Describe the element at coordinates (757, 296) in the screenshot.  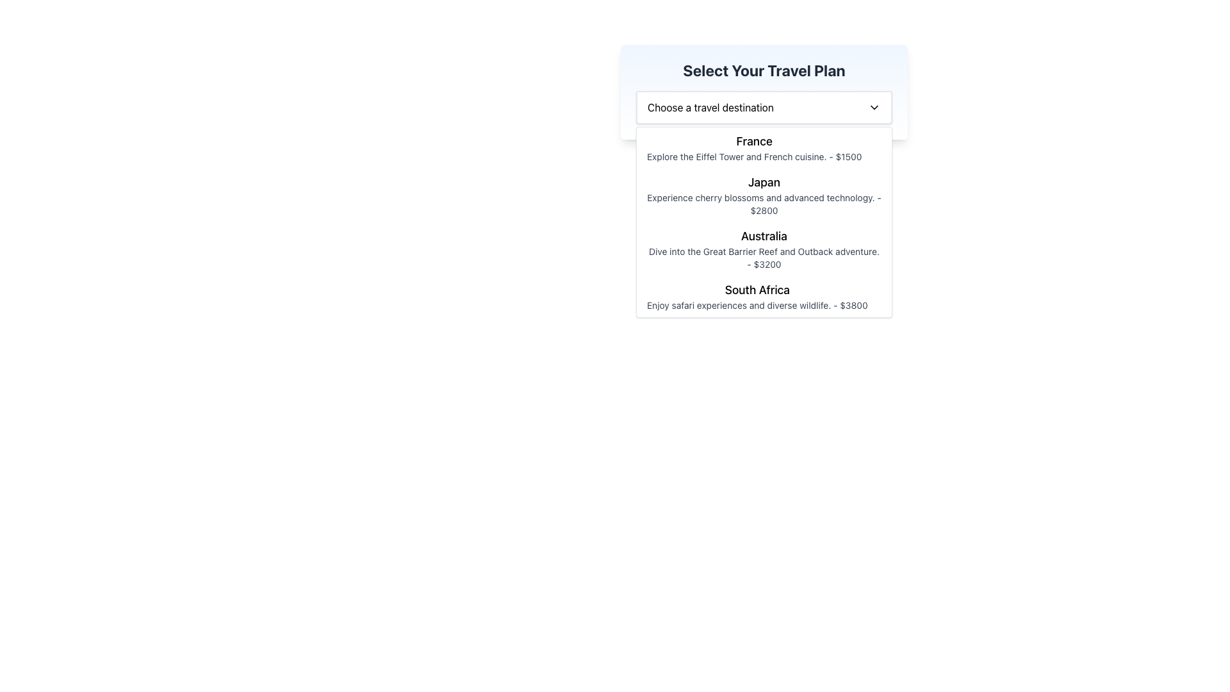
I see `the fourth option in the dropdown list labeled 'Select Your Travel Plan', which displays 'South Africa' as a larger title and 'Enjoy safari experiences and diverse wildlife. - $3800' as descriptive text` at that location.